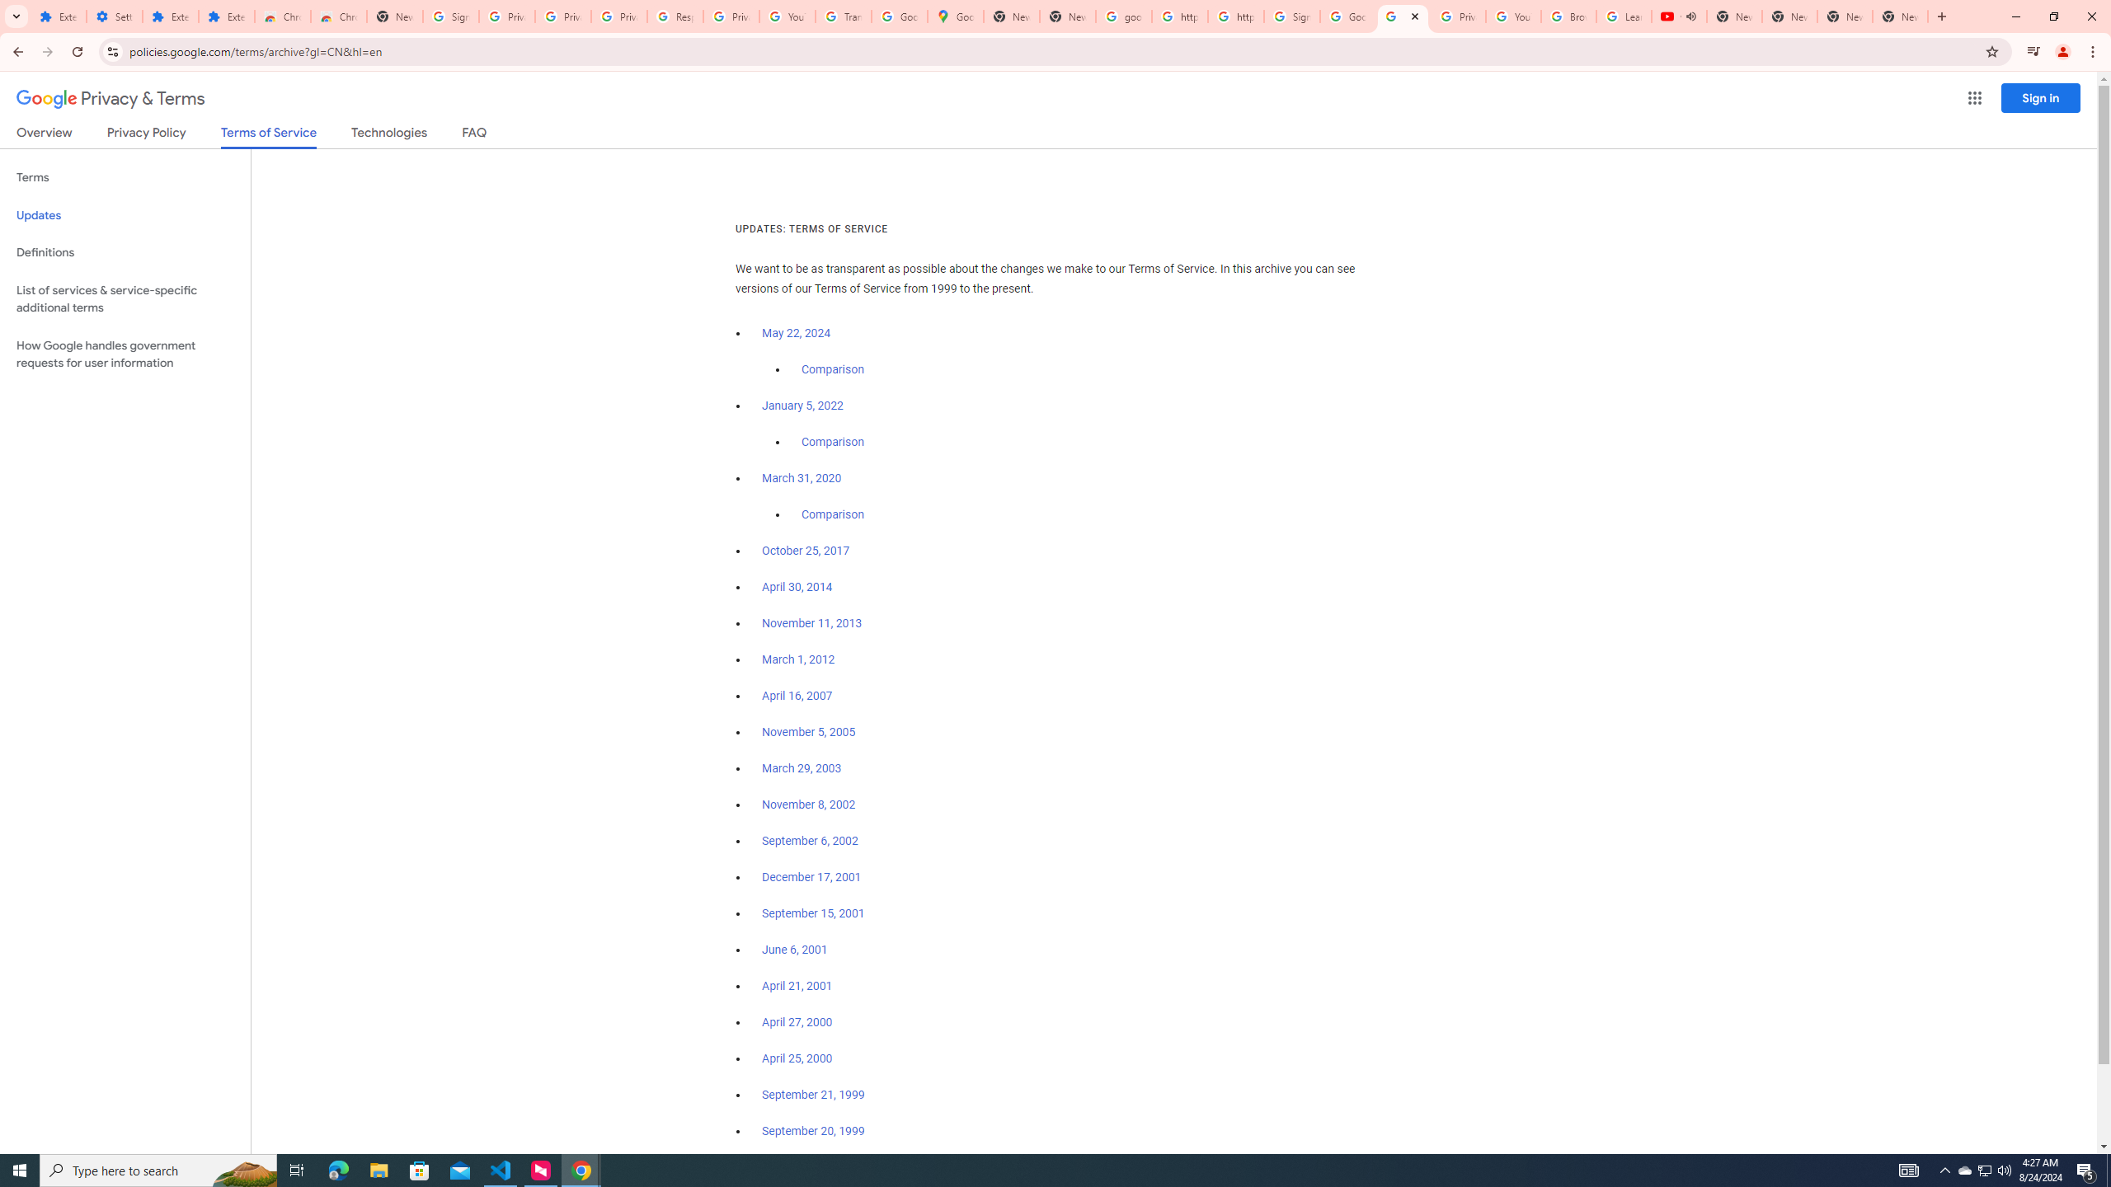 The image size is (2111, 1187). I want to click on 'December 17, 2001', so click(811, 877).